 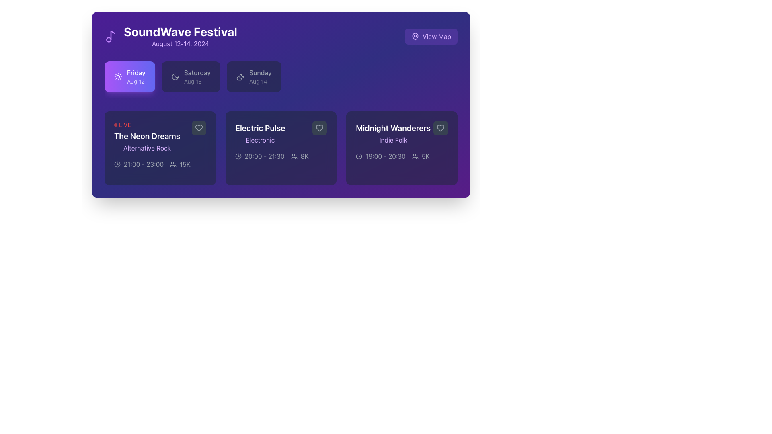 What do you see at coordinates (260, 82) in the screenshot?
I see `date information displayed in the text label that shows 'Aug 14', located below 'Sunday' in the Sunday date selection card` at bounding box center [260, 82].